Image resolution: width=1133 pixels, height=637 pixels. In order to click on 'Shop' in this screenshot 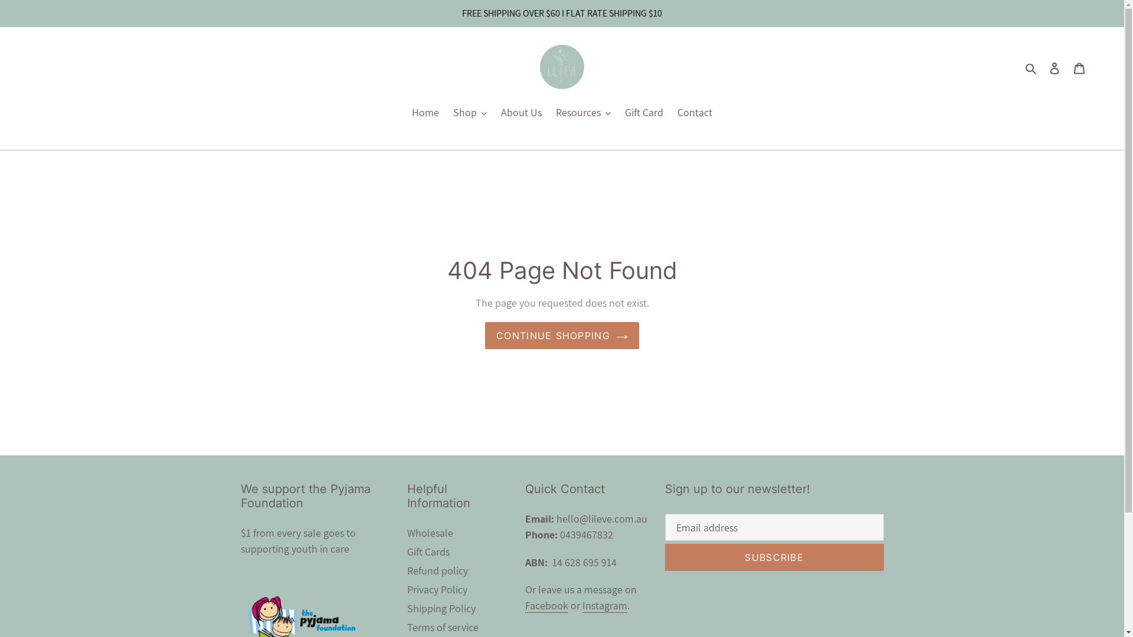, I will do `click(469, 113)`.